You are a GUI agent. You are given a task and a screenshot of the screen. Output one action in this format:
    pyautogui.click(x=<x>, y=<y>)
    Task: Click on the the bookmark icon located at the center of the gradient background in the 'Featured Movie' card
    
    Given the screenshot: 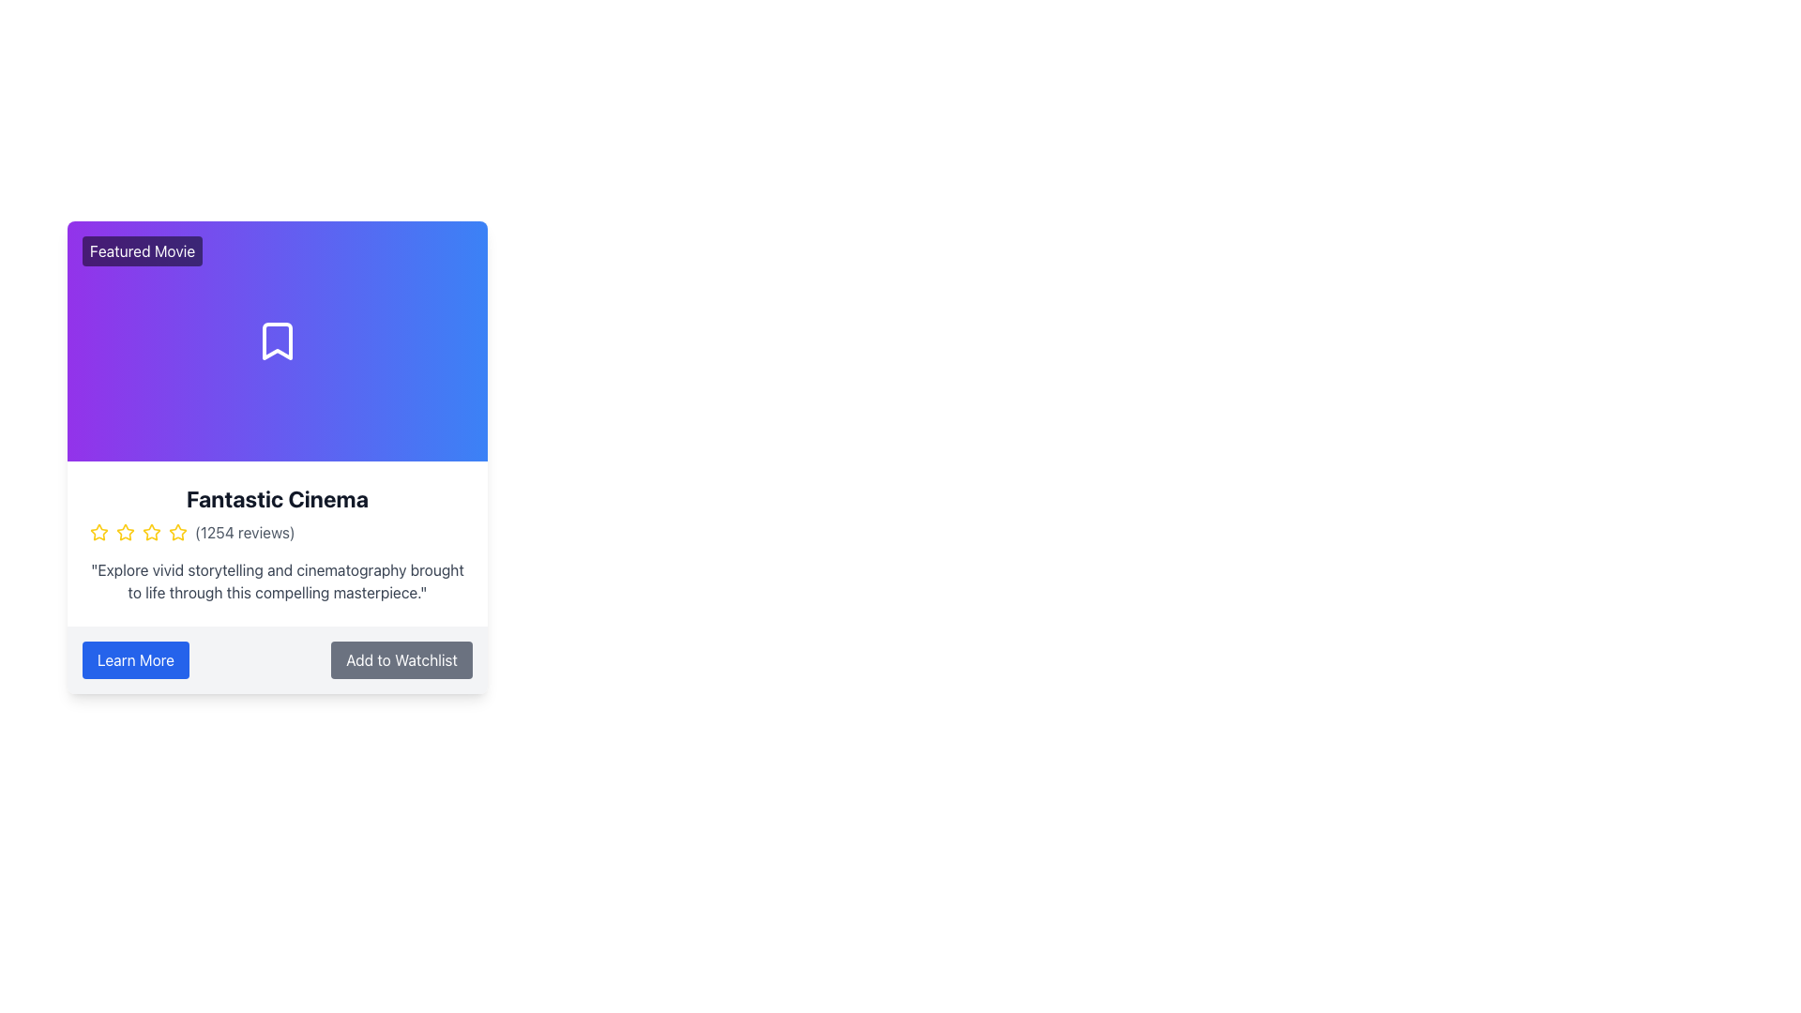 What is the action you would take?
    pyautogui.click(x=277, y=340)
    